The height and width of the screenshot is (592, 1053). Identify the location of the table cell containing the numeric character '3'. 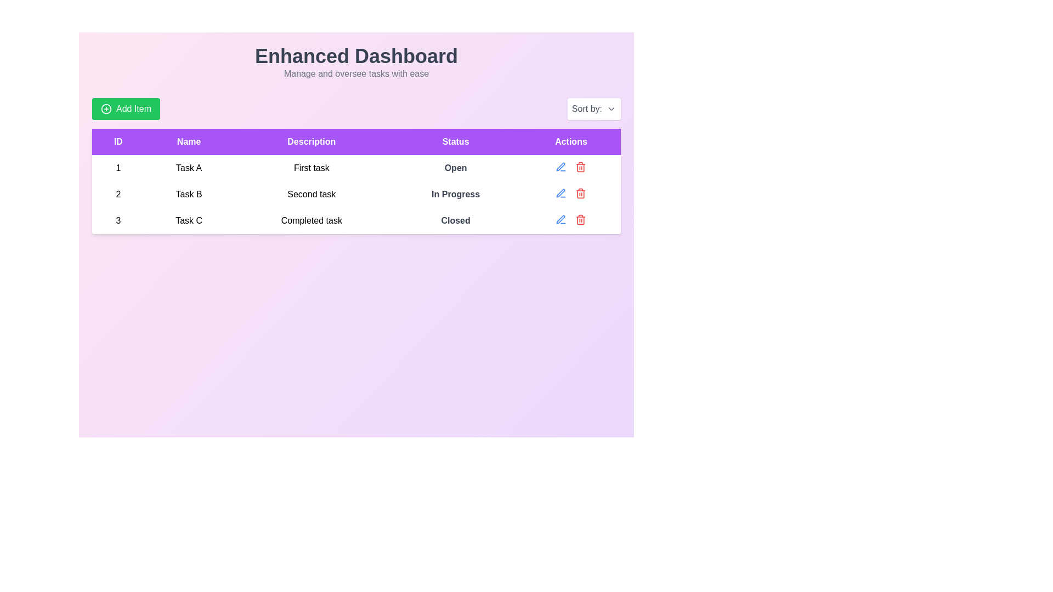
(118, 220).